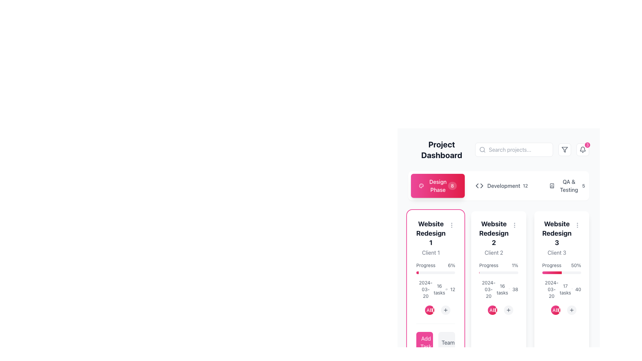 This screenshot has width=642, height=361. I want to click on text from the 'Development' label, which is styled in gray sans-serif font and located in the horizontal navigation section near the top of the interface, between a code bracket icon and a badge displaying '12', so click(498, 186).